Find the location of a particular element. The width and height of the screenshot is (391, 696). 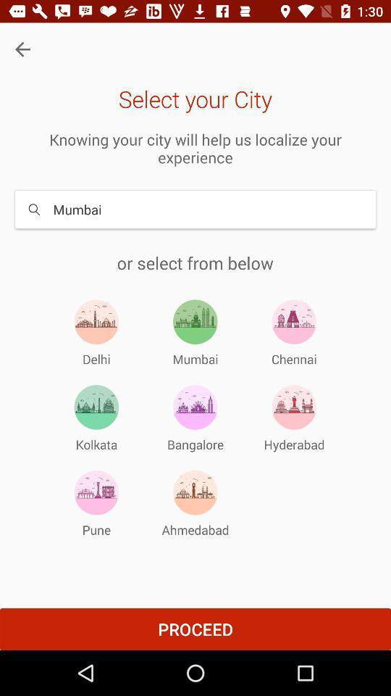

go back is located at coordinates (22, 49).